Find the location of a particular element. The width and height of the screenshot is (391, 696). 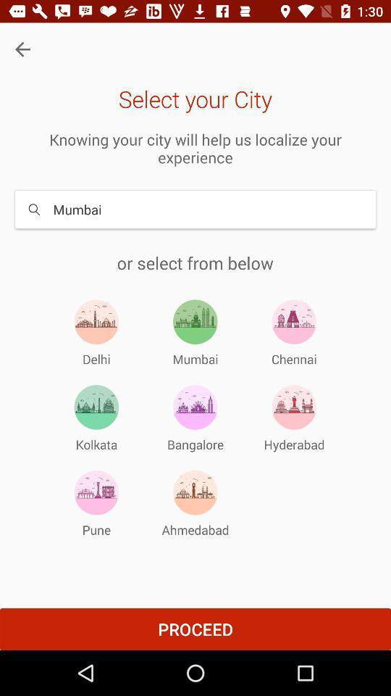

go back is located at coordinates (22, 49).